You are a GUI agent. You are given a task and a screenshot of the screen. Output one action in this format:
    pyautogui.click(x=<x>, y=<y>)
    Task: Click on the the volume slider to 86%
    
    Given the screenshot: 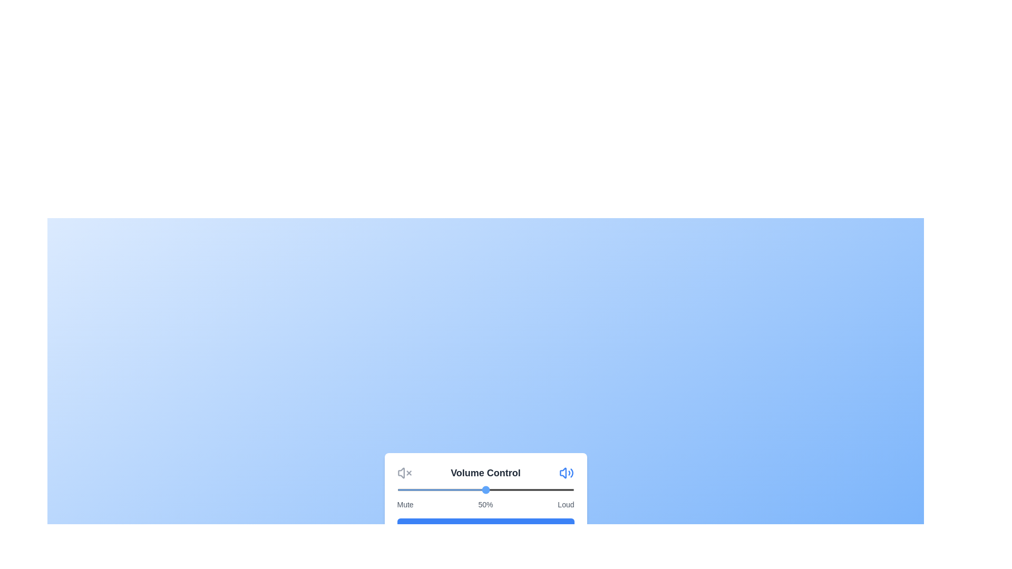 What is the action you would take?
    pyautogui.click(x=549, y=489)
    